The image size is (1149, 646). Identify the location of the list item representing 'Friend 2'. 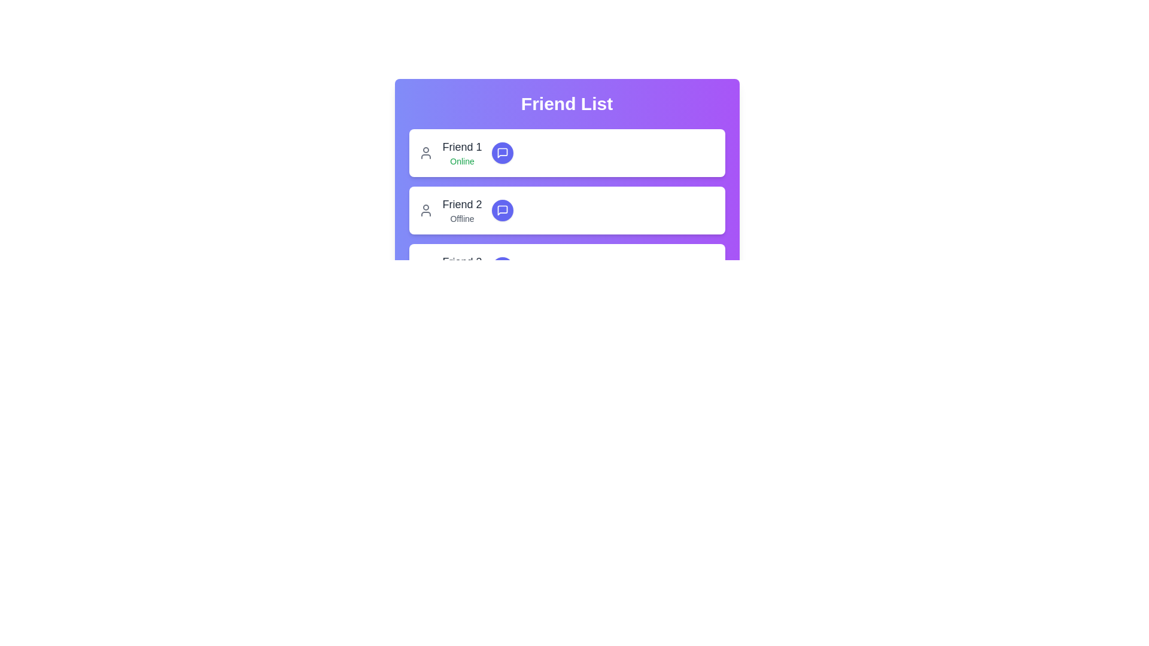
(566, 209).